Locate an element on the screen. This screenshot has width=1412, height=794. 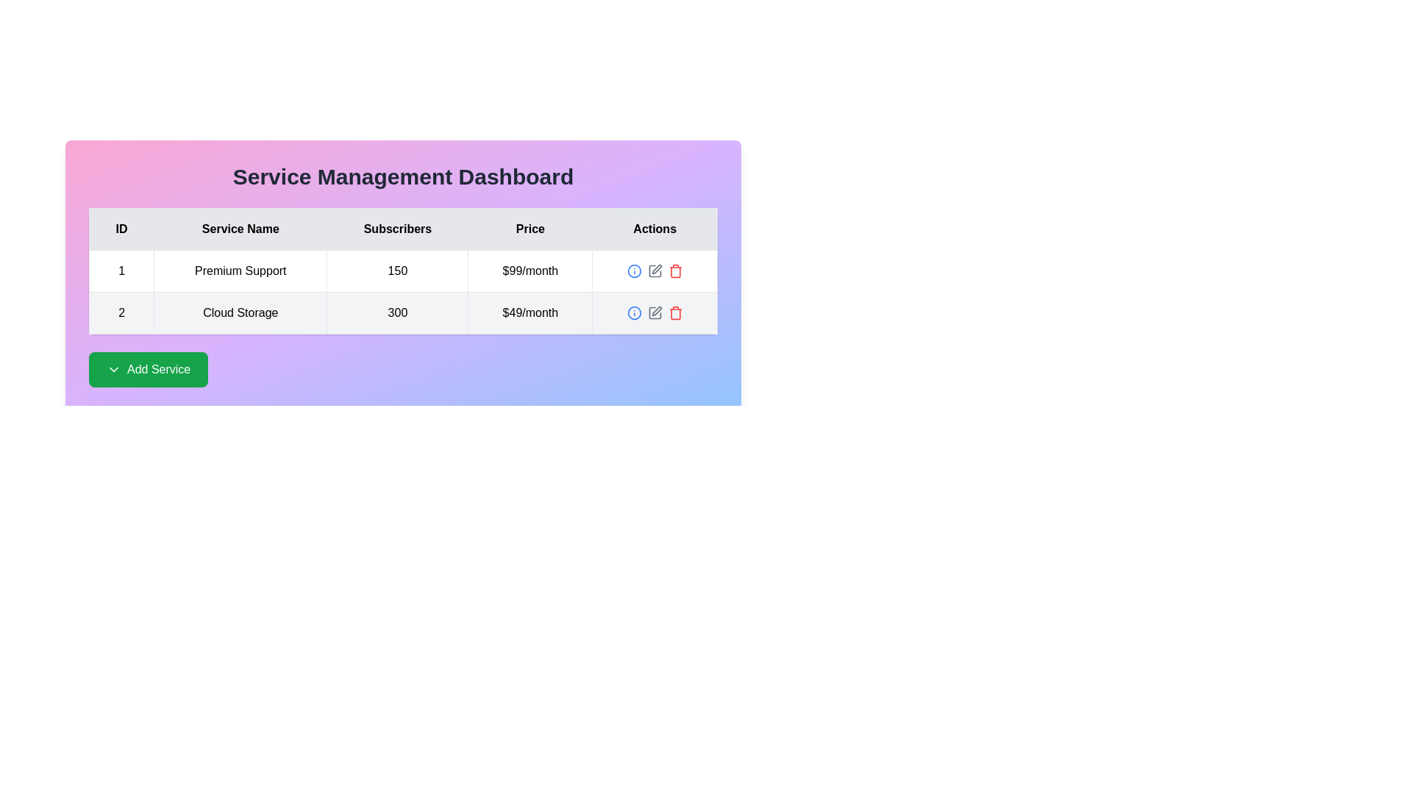
the 'ID' column header label in the table, which is the first cell in the header row, aligned with 'Service Name' and 'Subscribers' is located at coordinates (121, 229).